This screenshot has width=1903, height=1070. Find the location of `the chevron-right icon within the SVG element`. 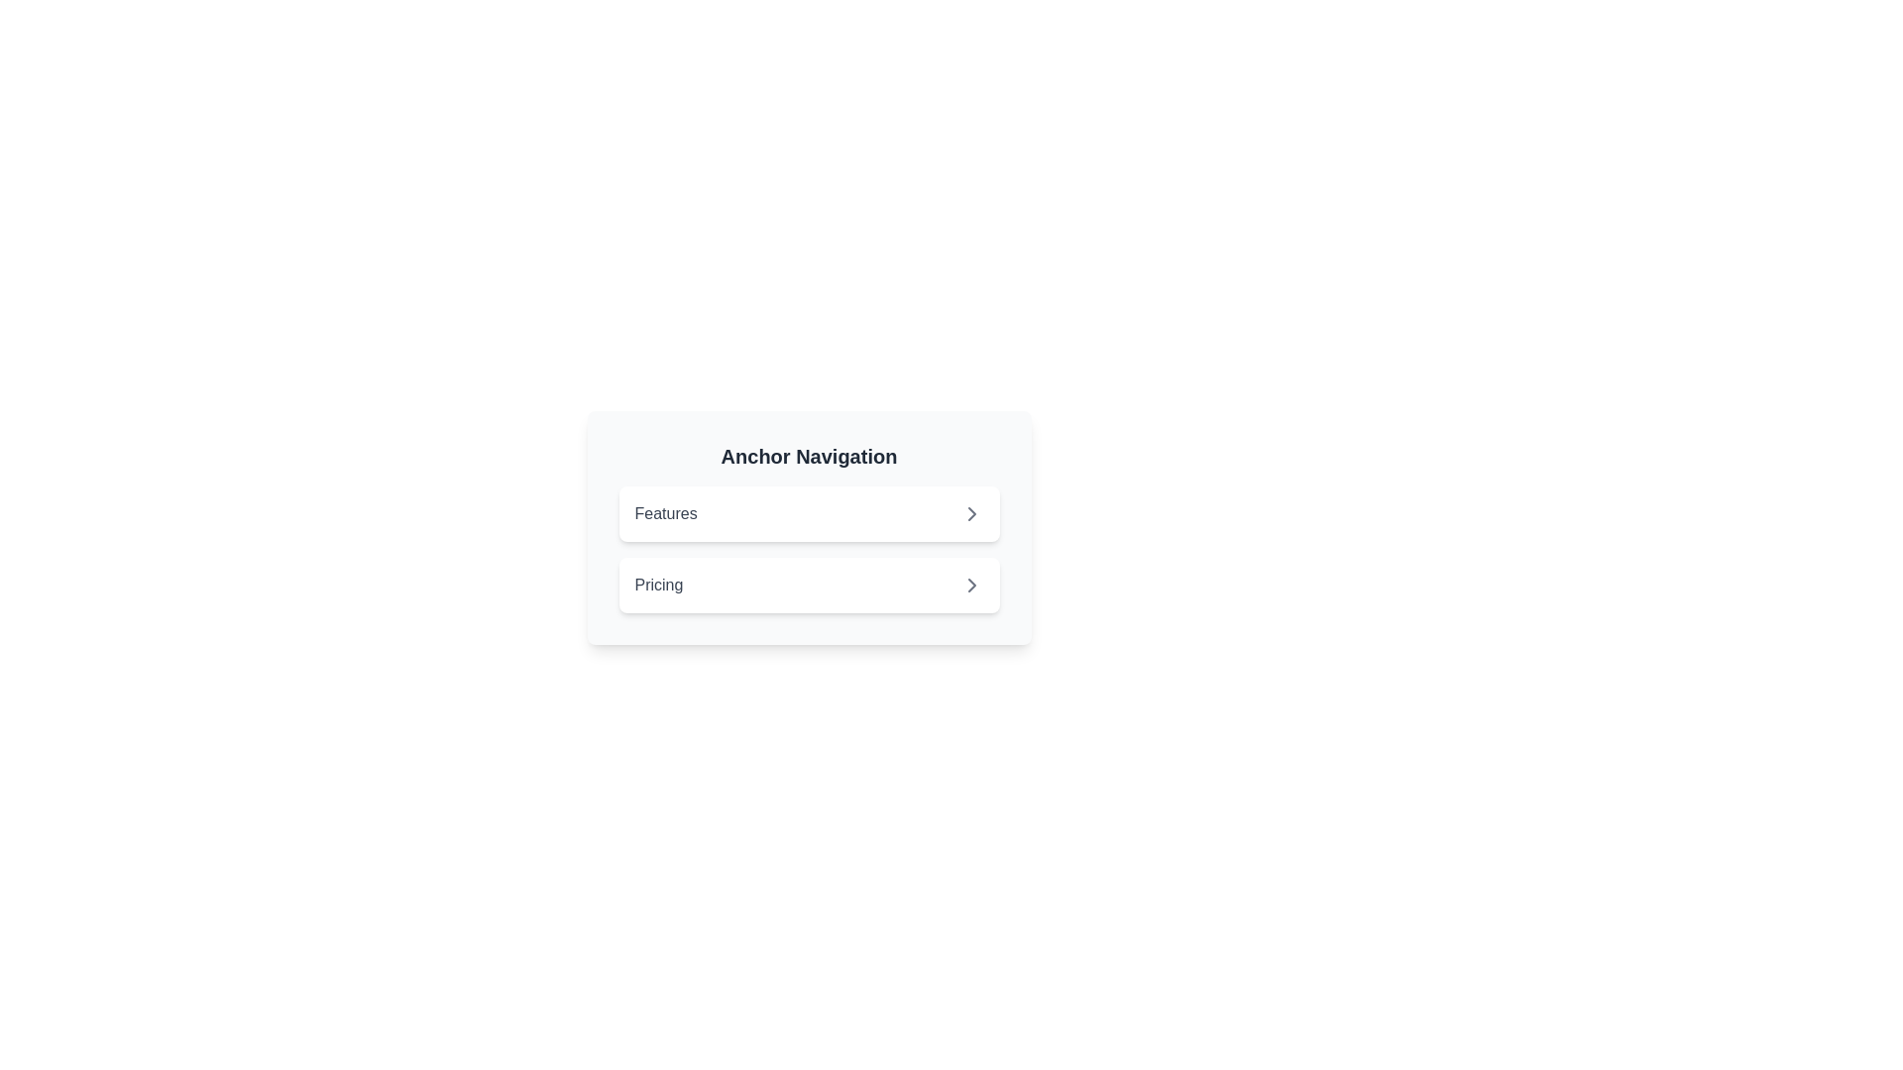

the chevron-right icon within the SVG element is located at coordinates (971, 513).